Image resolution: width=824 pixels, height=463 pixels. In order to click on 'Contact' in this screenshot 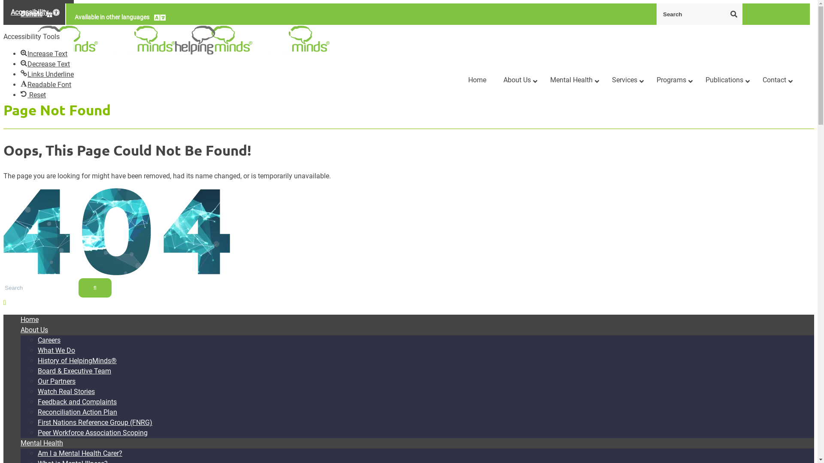, I will do `click(753, 80)`.